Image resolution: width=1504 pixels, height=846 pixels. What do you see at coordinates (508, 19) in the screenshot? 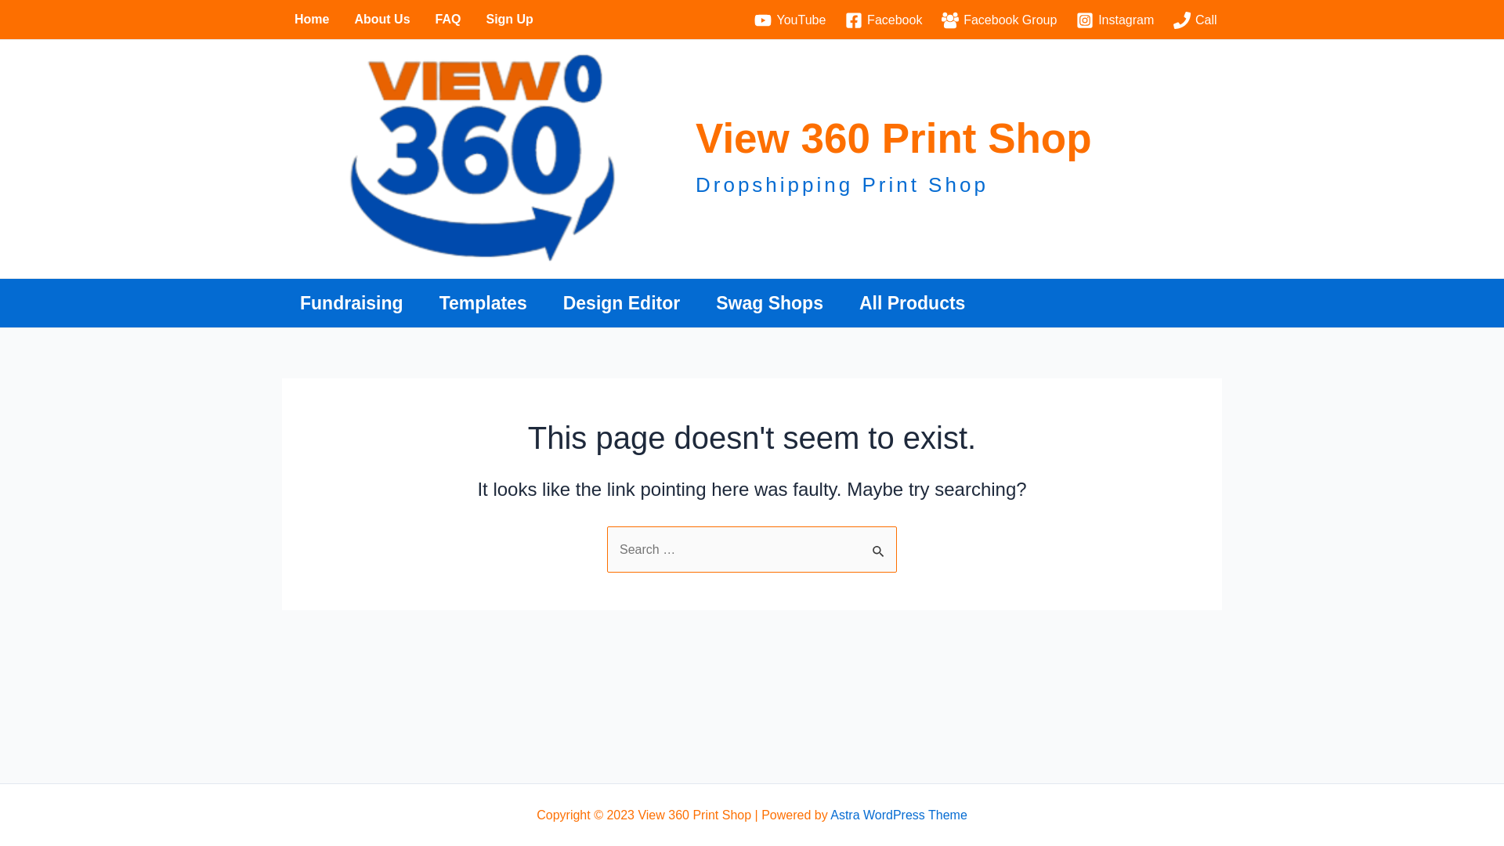
I see `'Sign Up'` at bounding box center [508, 19].